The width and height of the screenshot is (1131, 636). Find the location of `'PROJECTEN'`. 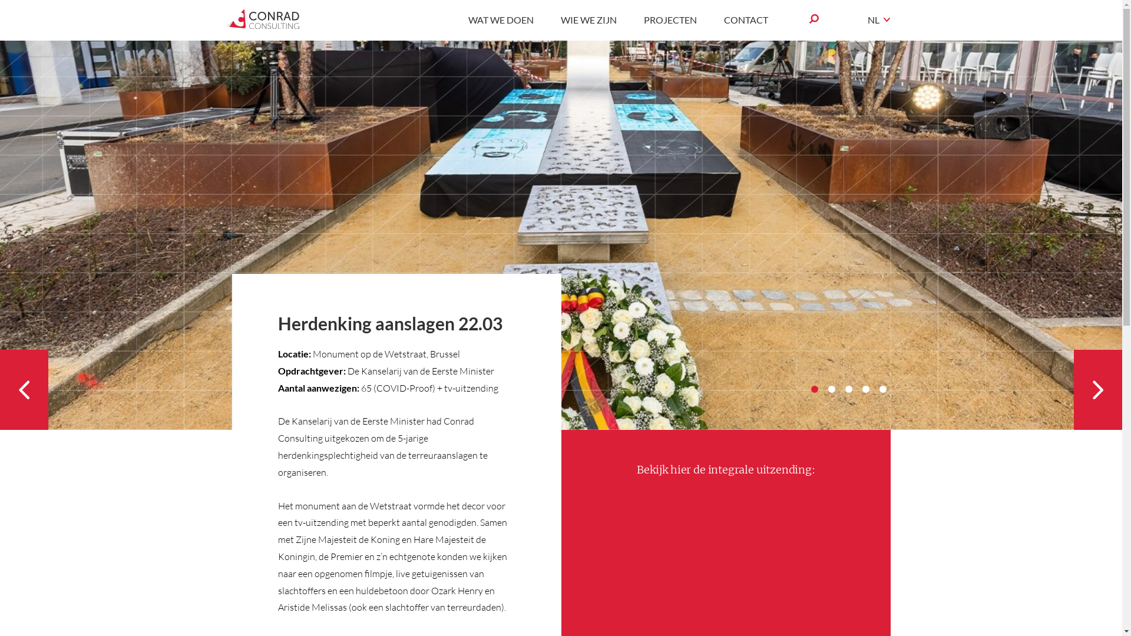

'PROJECTEN' is located at coordinates (670, 19).